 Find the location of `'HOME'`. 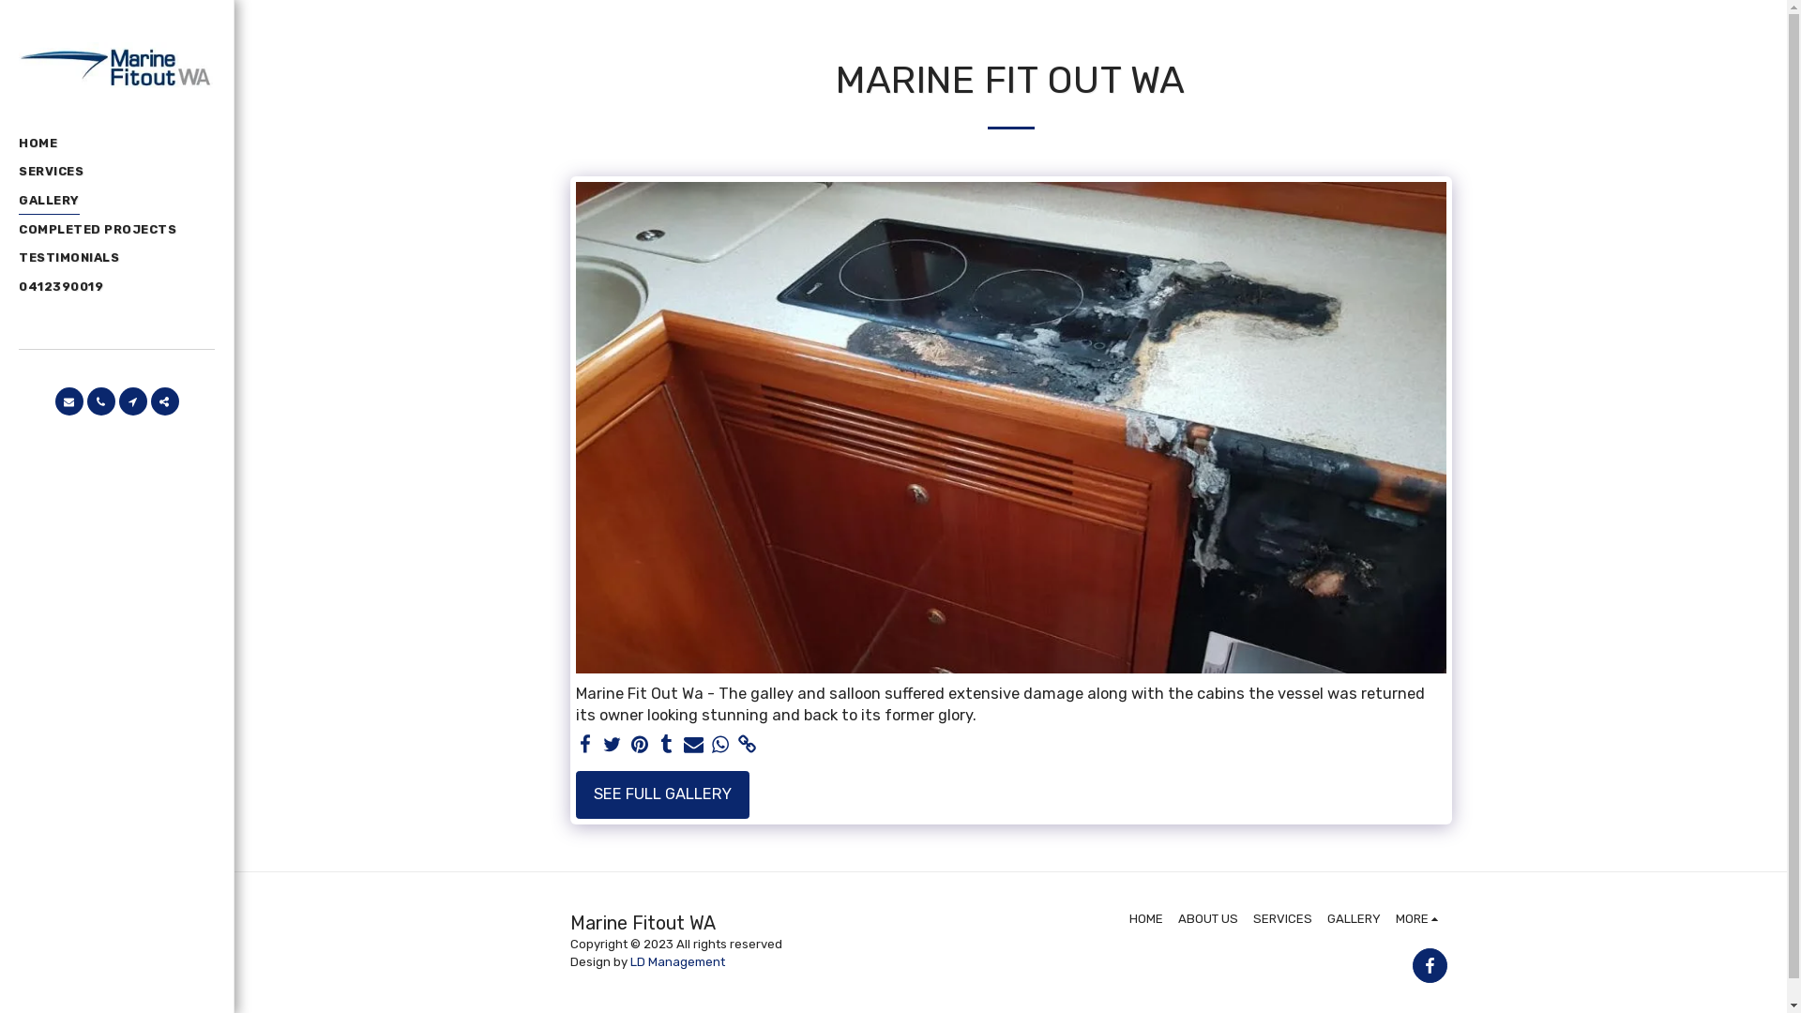

'HOME' is located at coordinates (1145, 917).